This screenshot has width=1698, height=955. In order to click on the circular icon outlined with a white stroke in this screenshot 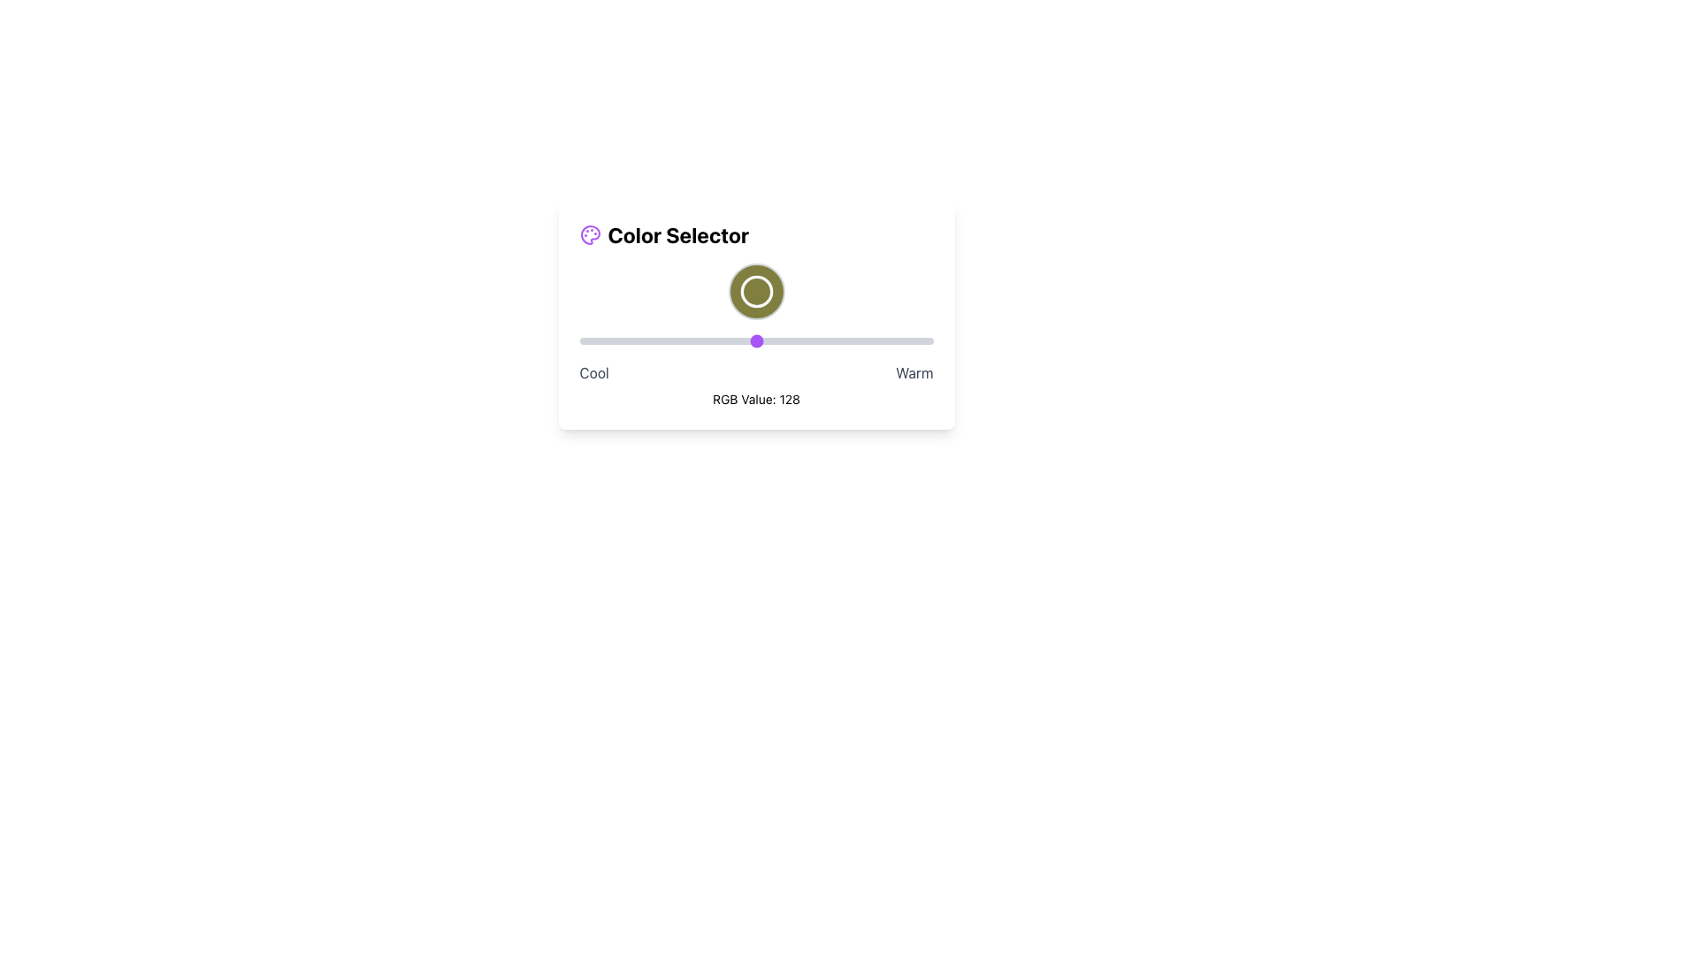, I will do `click(756, 291)`.